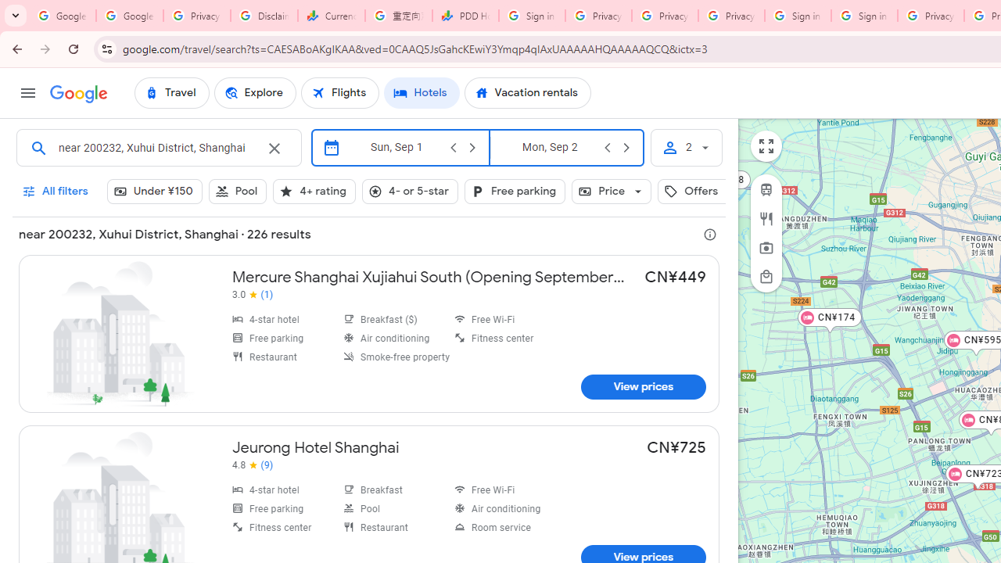 This screenshot has height=563, width=1001. What do you see at coordinates (331, 16) in the screenshot?
I see `'Currencies - Google Finance'` at bounding box center [331, 16].